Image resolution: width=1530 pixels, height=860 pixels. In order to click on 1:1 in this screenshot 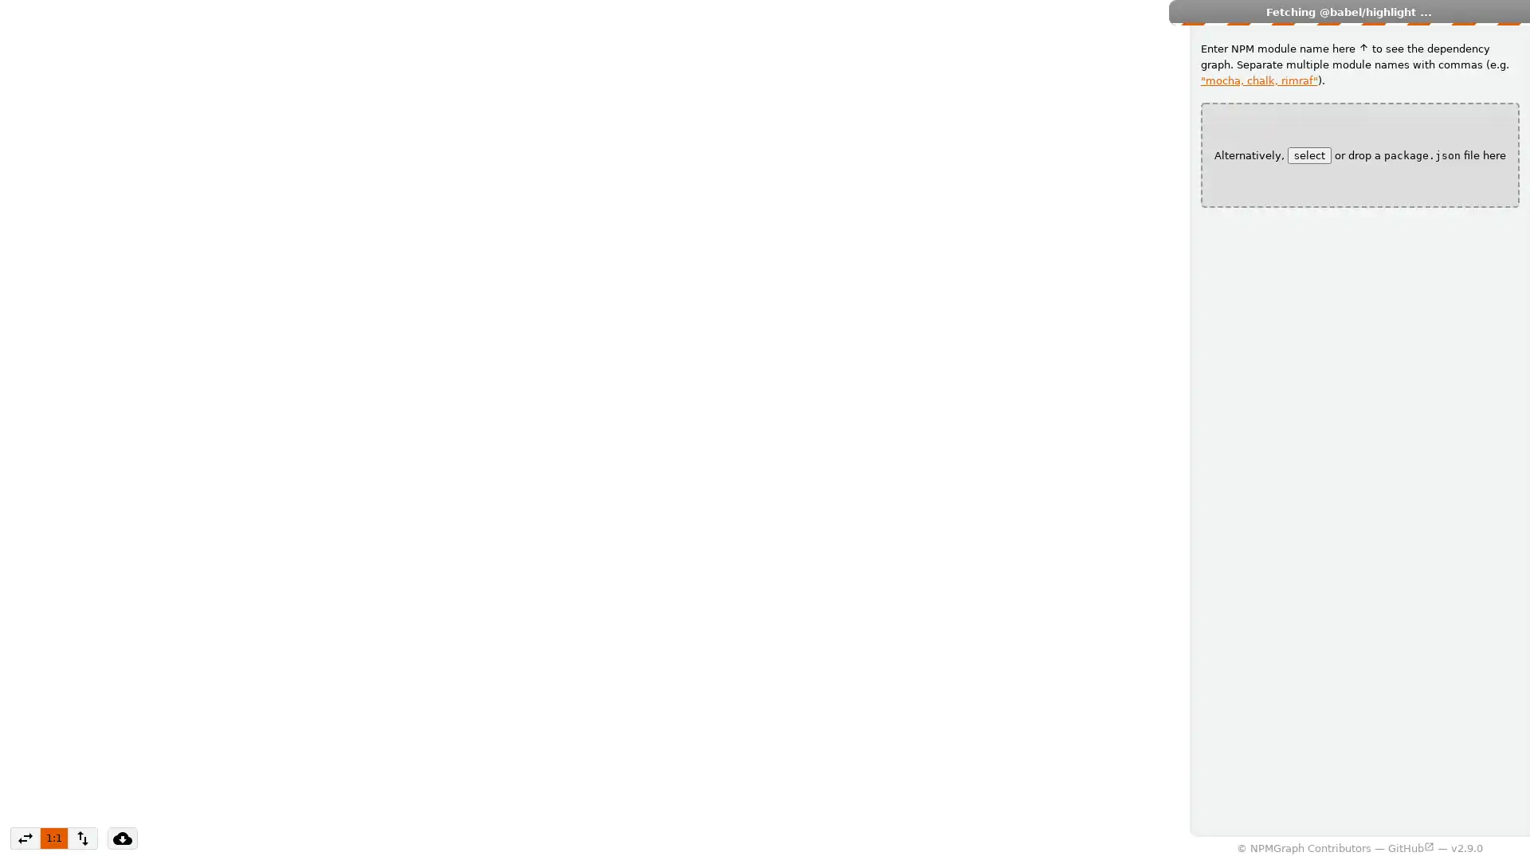, I will do `click(53, 837)`.